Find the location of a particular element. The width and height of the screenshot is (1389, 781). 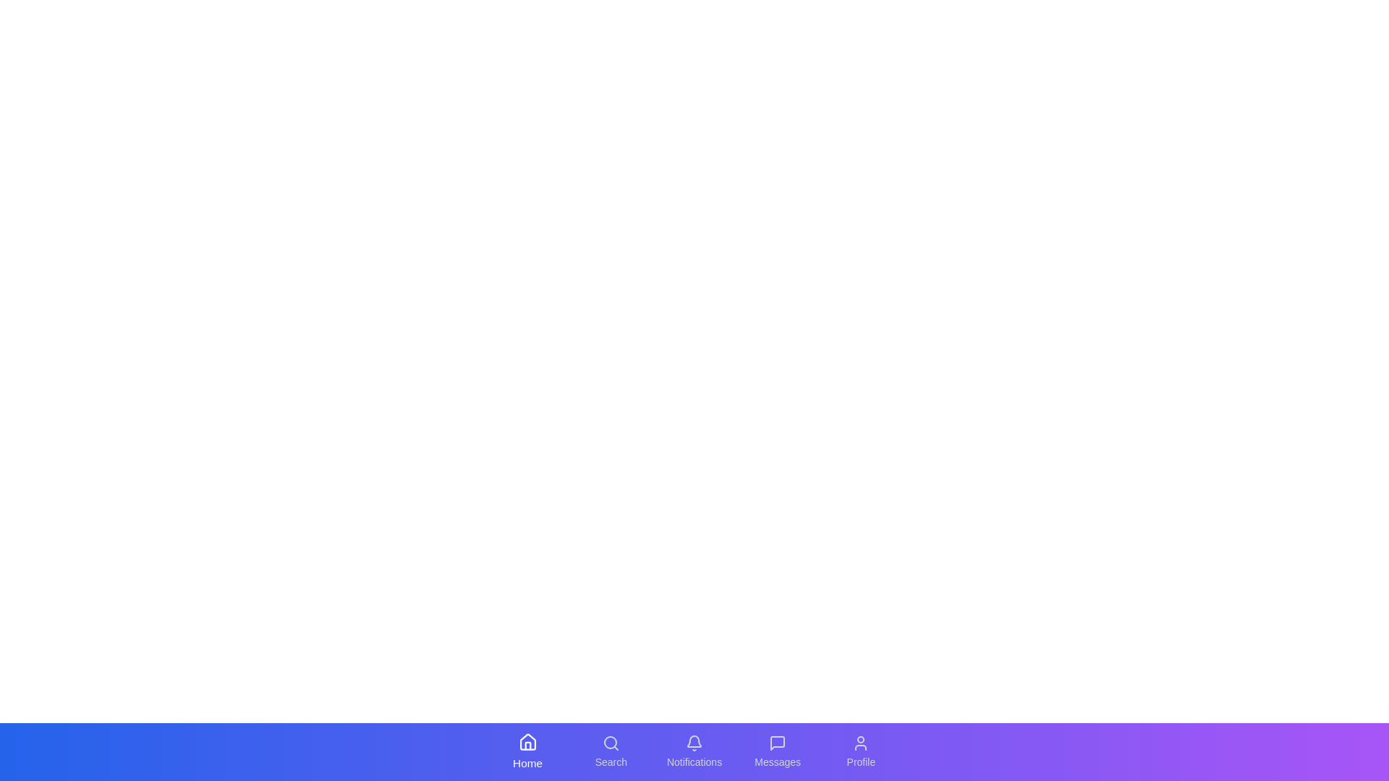

the Home navigation icon to navigate to the corresponding section is located at coordinates (527, 751).